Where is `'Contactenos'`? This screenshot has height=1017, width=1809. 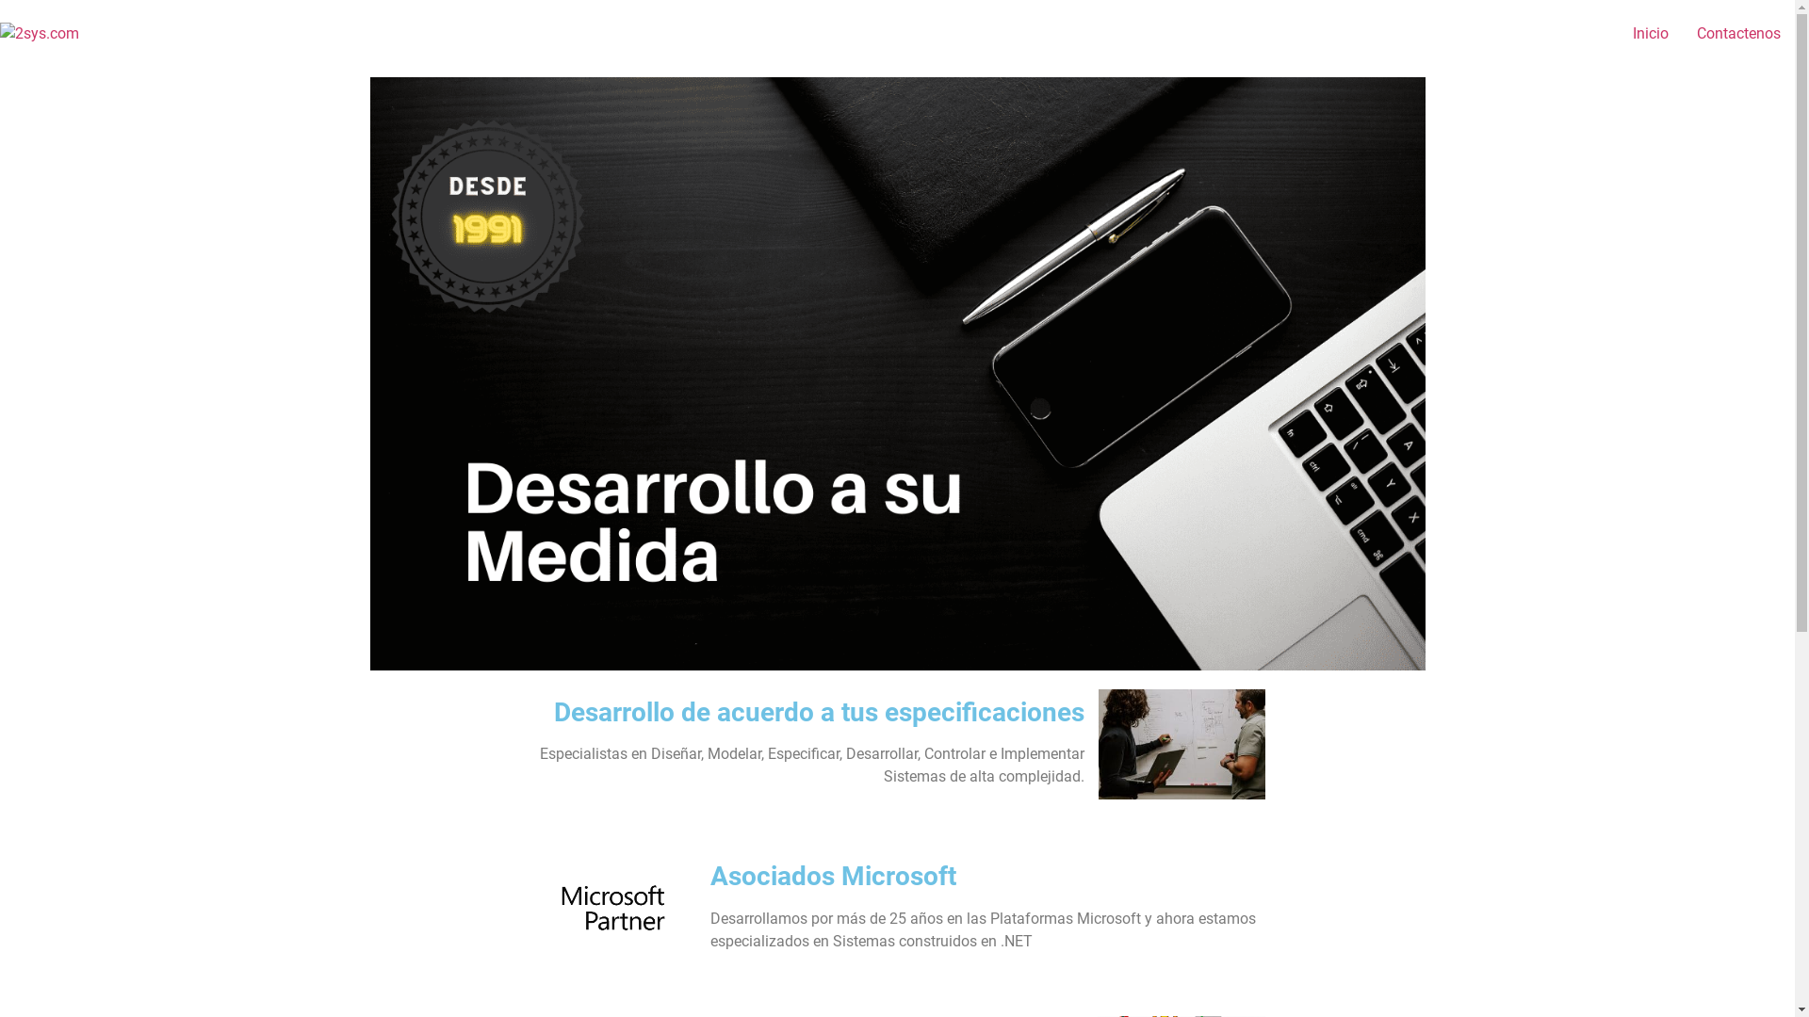
'Contactenos' is located at coordinates (1737, 33).